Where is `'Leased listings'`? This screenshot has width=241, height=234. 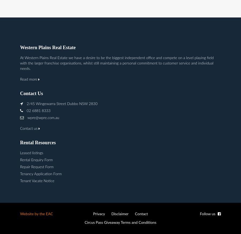
'Leased listings' is located at coordinates (20, 153).